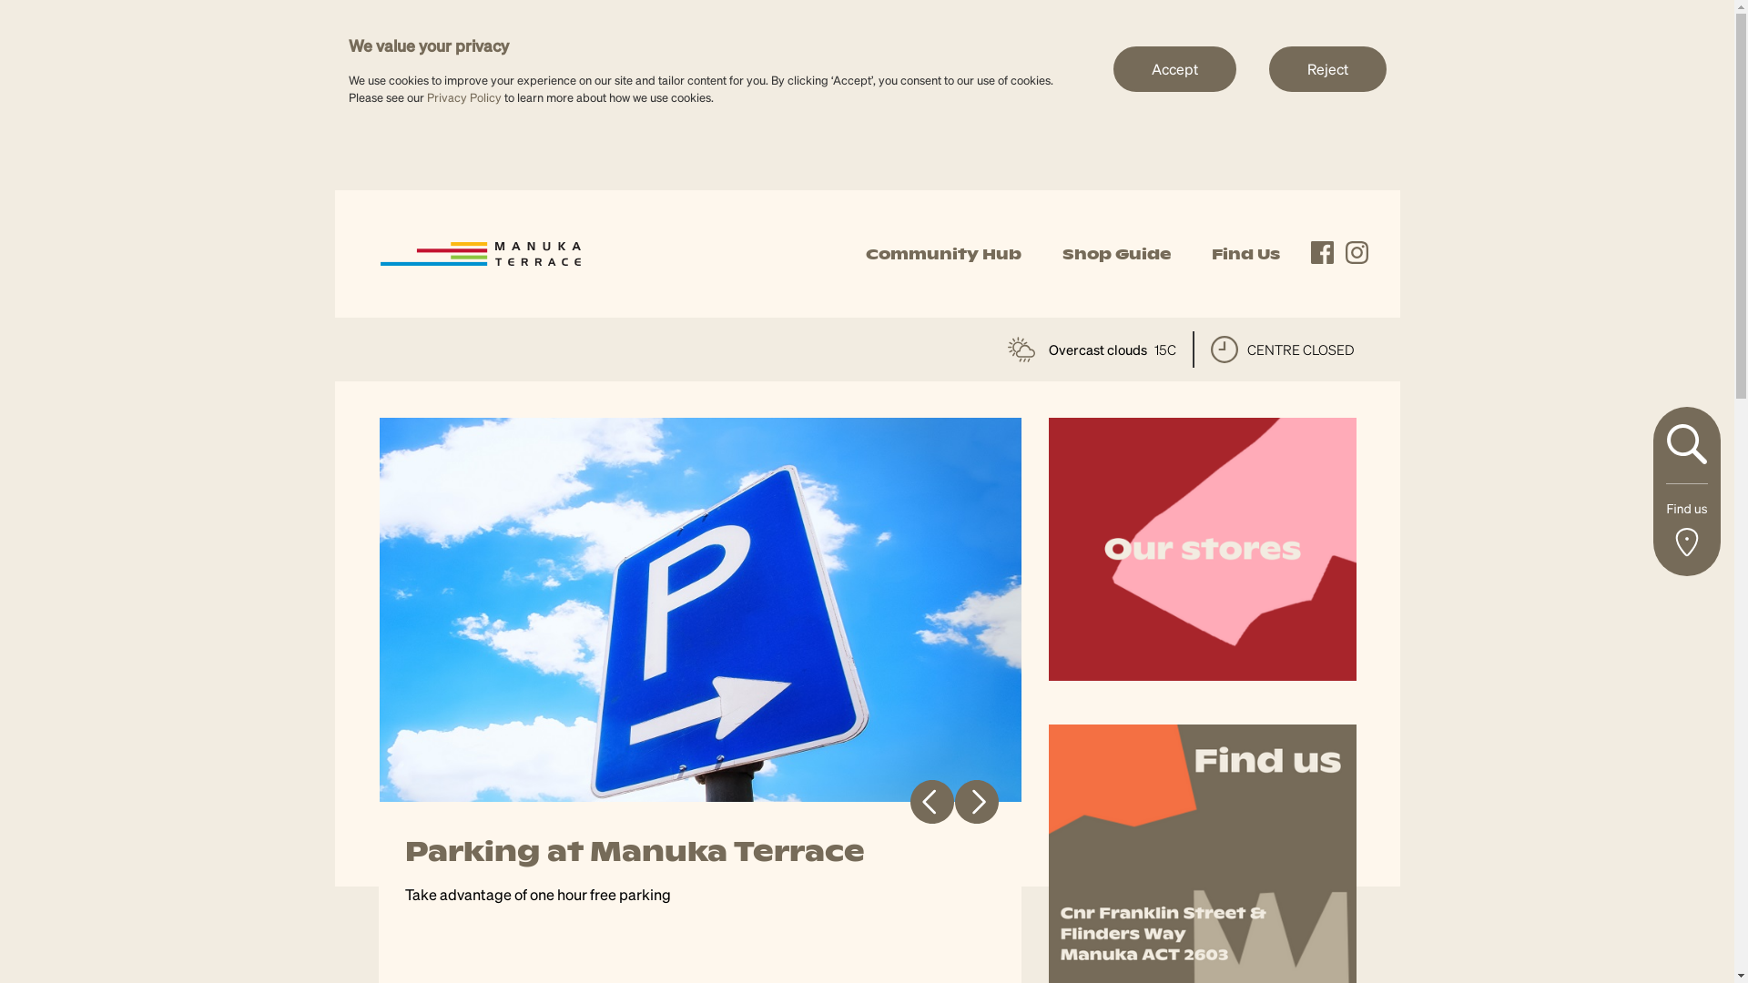  Describe the element at coordinates (931, 800) in the screenshot. I see `'Previous'` at that location.